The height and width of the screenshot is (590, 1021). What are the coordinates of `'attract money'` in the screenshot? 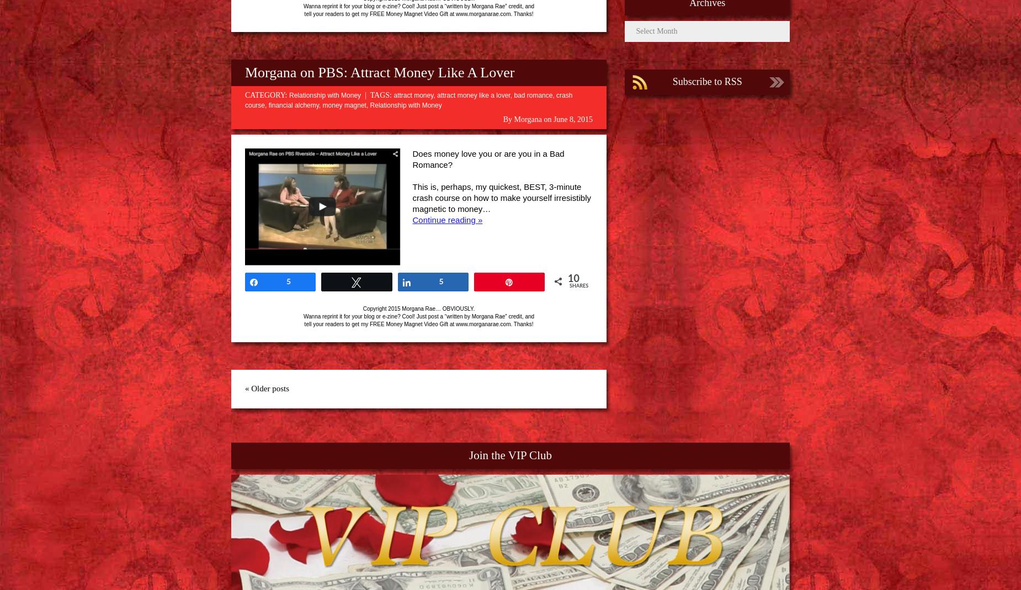 It's located at (413, 95).